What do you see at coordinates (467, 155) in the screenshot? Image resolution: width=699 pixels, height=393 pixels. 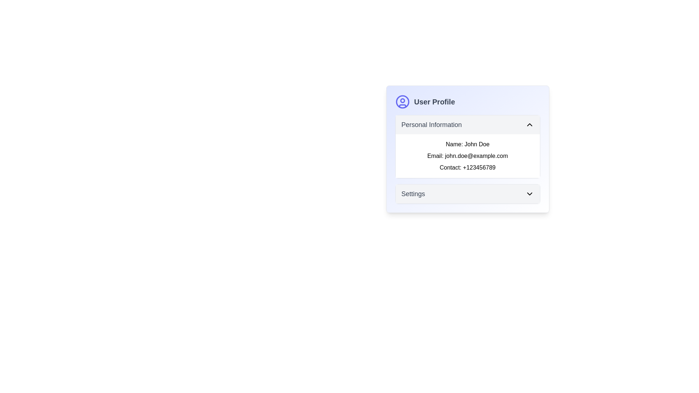 I see `the Text Block element that contains user information, located in the 'Personal Information' section of the 'User Profile' card interface` at bounding box center [467, 155].